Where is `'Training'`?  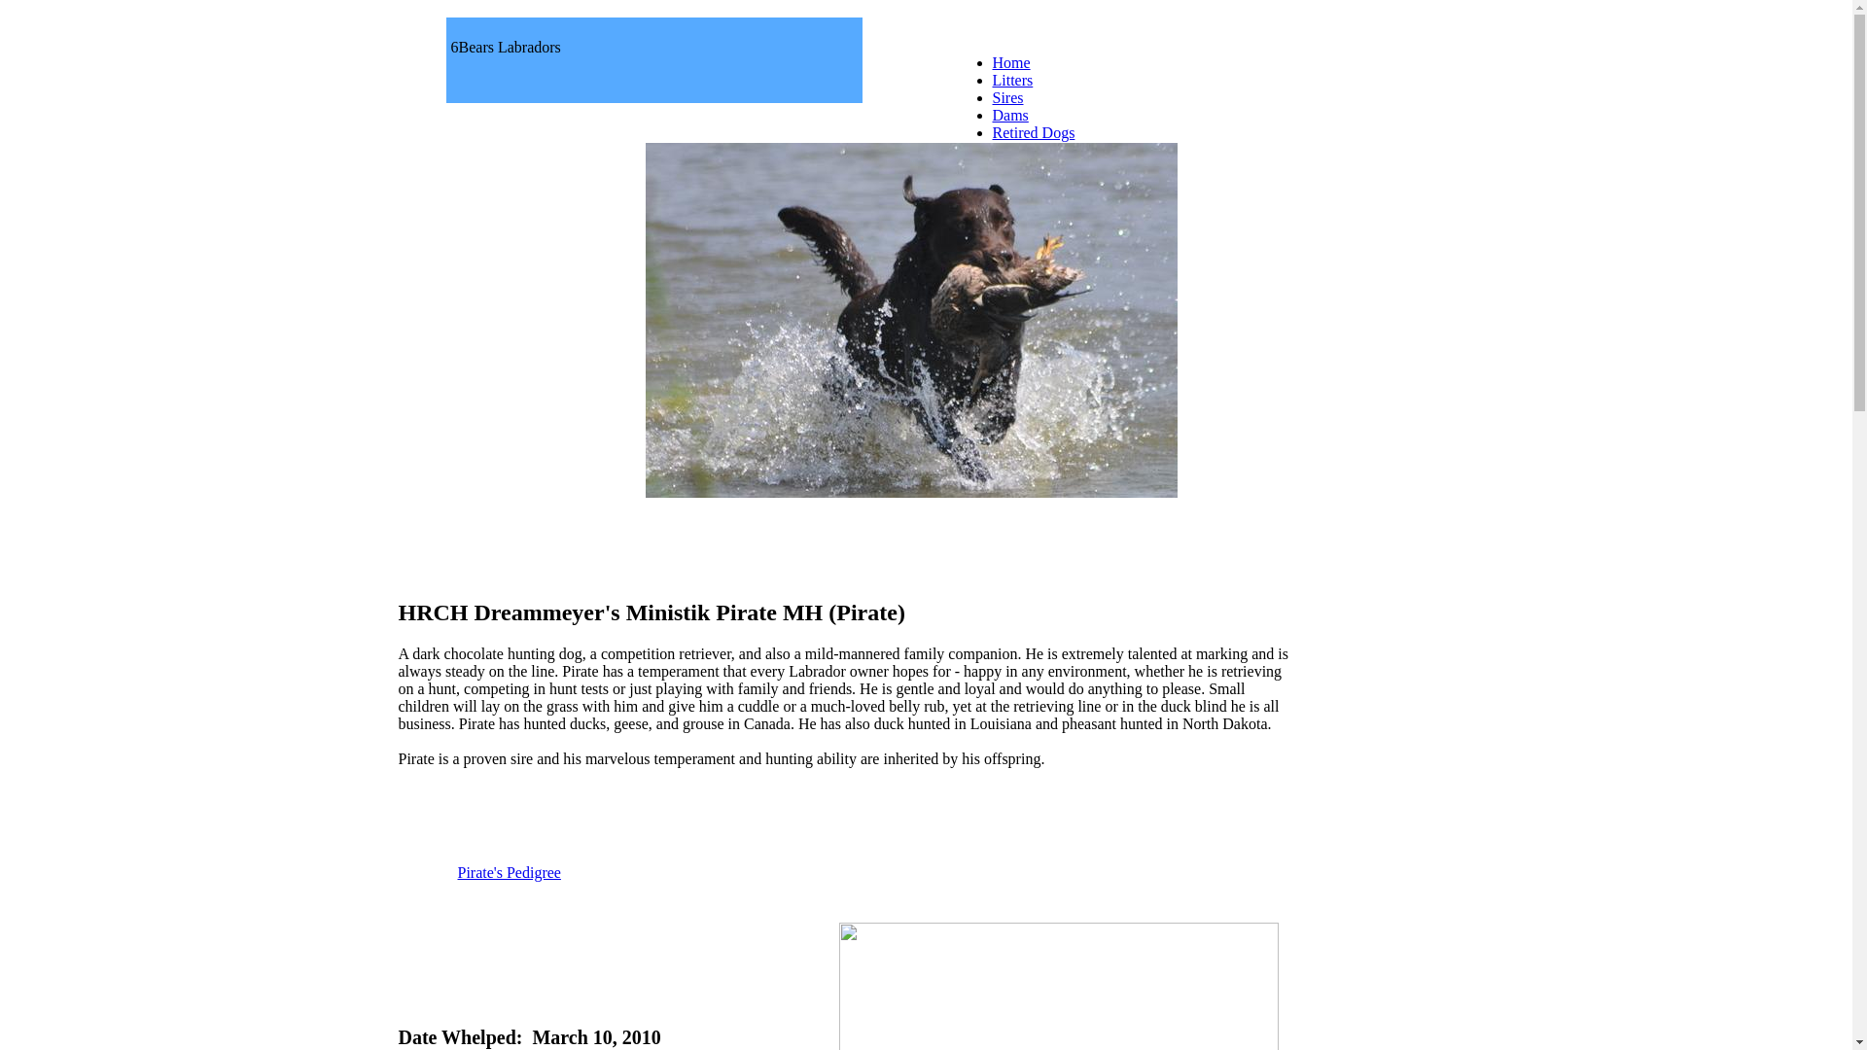
'Training' is located at coordinates (1017, 185).